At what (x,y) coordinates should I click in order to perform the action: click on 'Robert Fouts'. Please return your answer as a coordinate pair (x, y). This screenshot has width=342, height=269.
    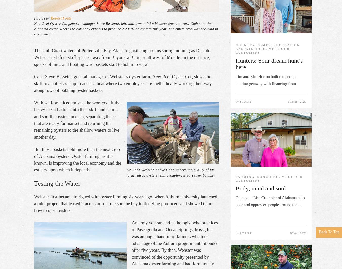
    Looking at the image, I should click on (61, 18).